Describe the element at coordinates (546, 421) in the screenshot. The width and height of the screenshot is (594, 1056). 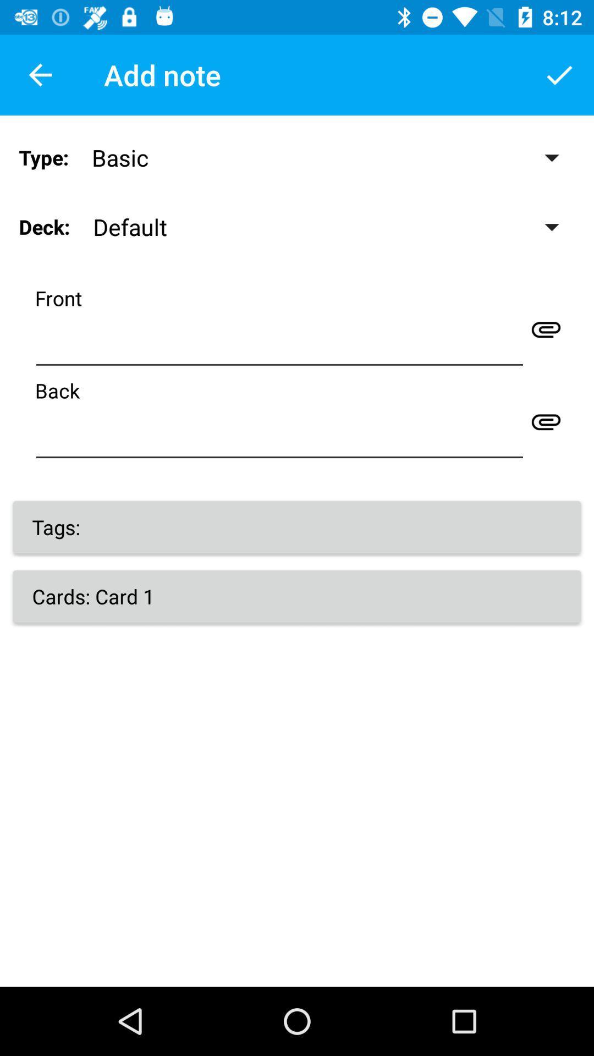
I see `the attach_file icon` at that location.